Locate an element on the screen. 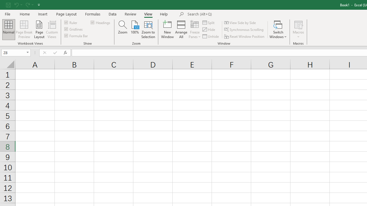  'Unhide...' is located at coordinates (211, 36).